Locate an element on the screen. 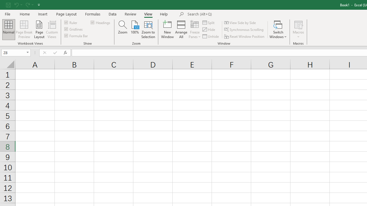  'Unhide...' is located at coordinates (211, 36).